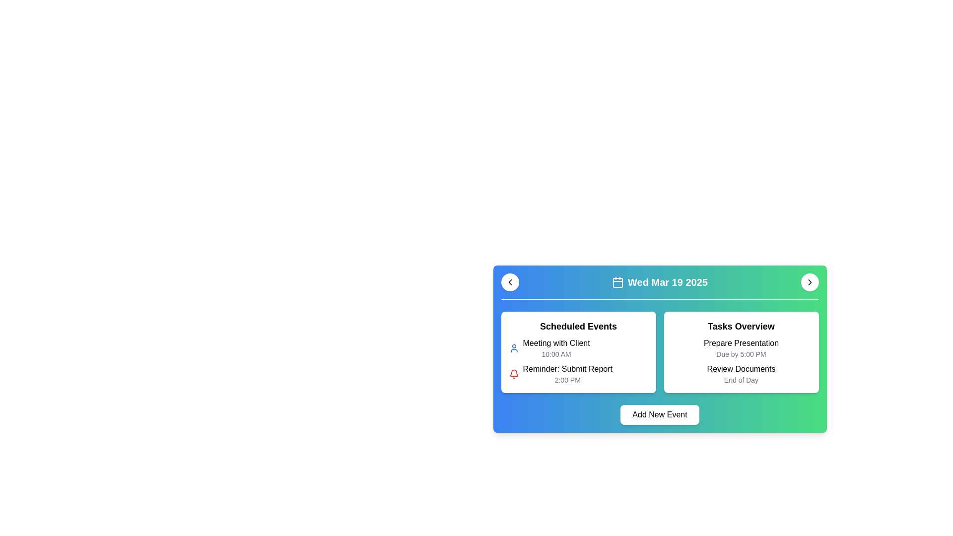 The width and height of the screenshot is (953, 536). I want to click on the user icon represented in outline style, colored blue, located to the left of the text 'Meeting with Client' in the 'Scheduled Events' card, so click(514, 348).